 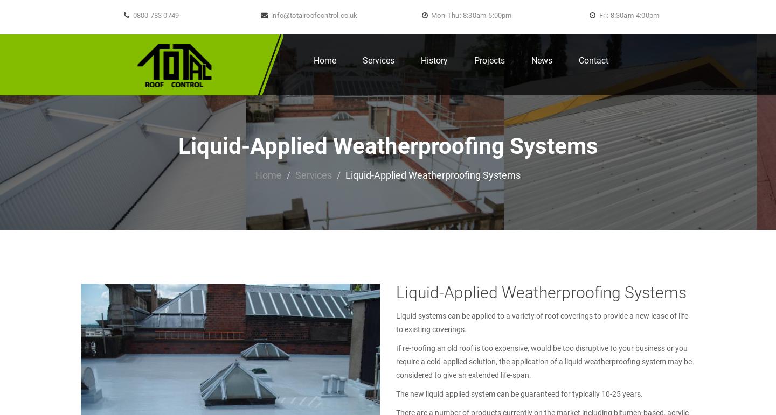 I want to click on 'Mon-Thu: 8:30am-5:00pm', so click(x=469, y=15).